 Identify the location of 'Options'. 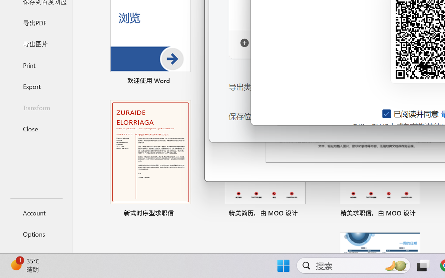
(36, 234).